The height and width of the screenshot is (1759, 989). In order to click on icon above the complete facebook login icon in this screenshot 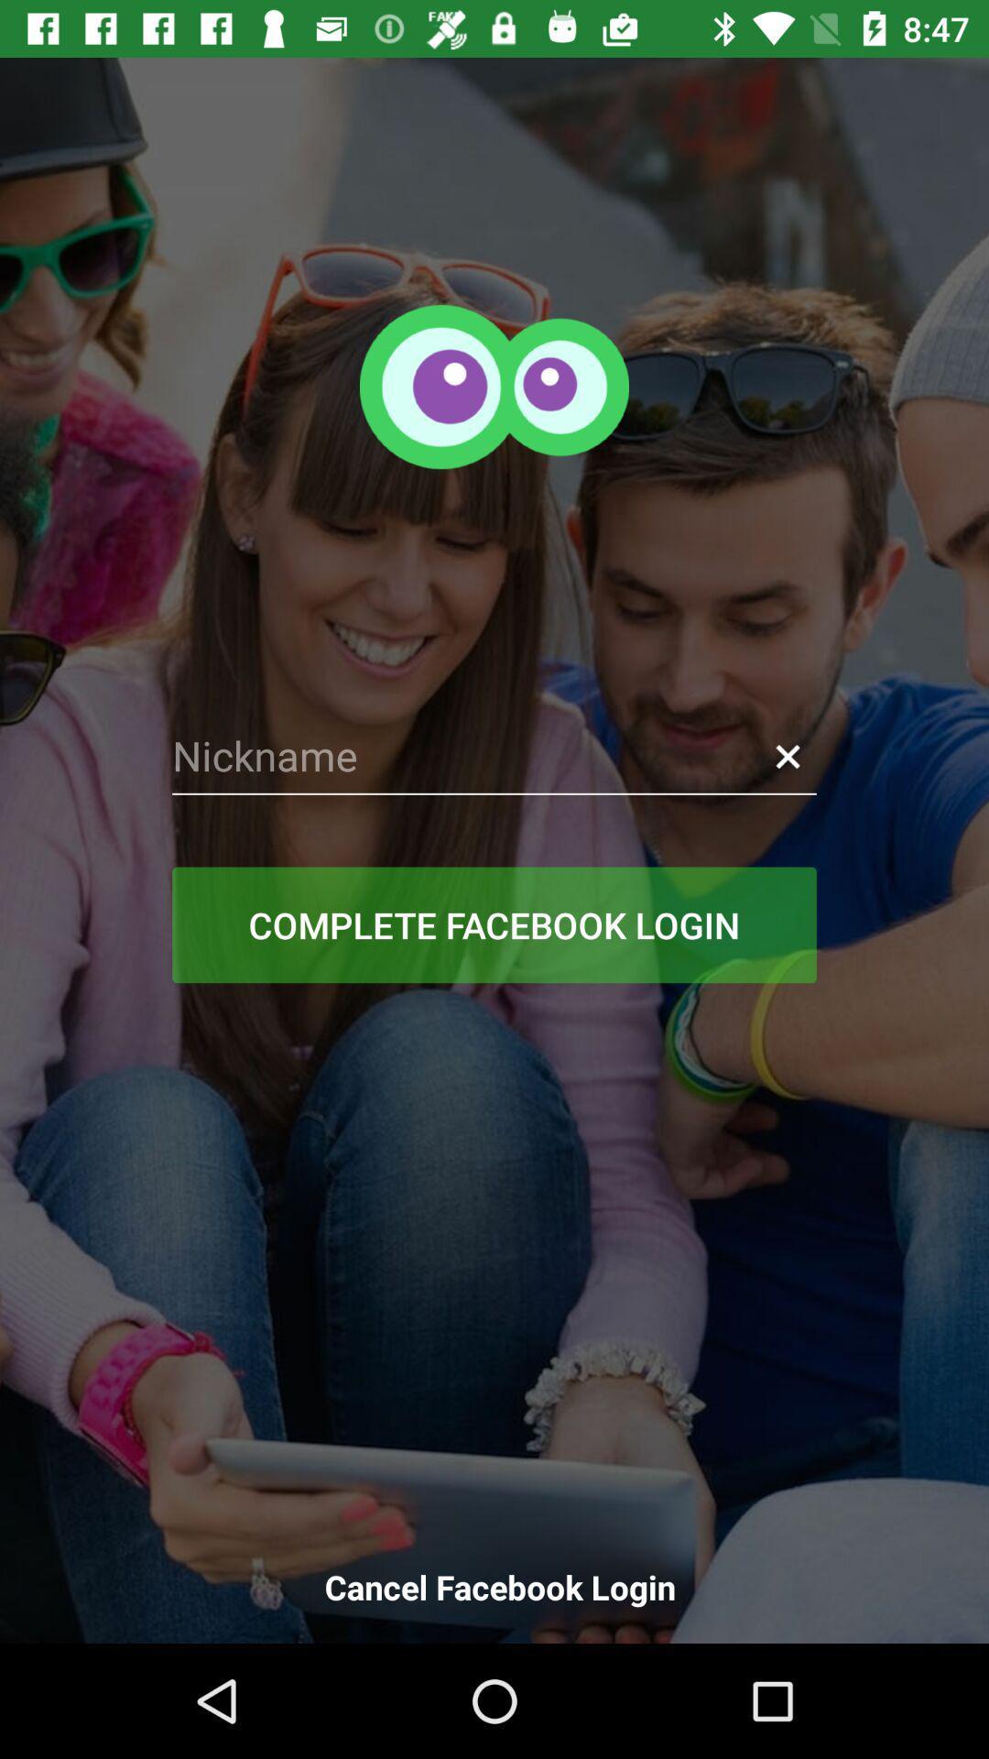, I will do `click(494, 756)`.